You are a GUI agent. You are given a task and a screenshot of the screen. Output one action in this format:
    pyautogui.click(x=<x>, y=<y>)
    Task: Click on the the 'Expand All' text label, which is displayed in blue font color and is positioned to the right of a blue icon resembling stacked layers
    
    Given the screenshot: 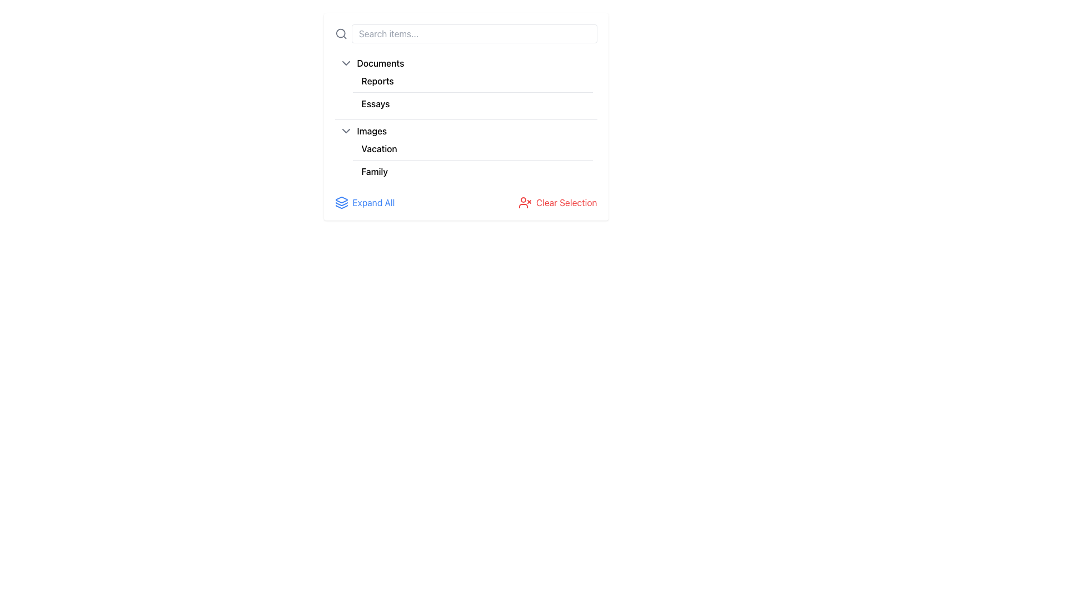 What is the action you would take?
    pyautogui.click(x=373, y=203)
    